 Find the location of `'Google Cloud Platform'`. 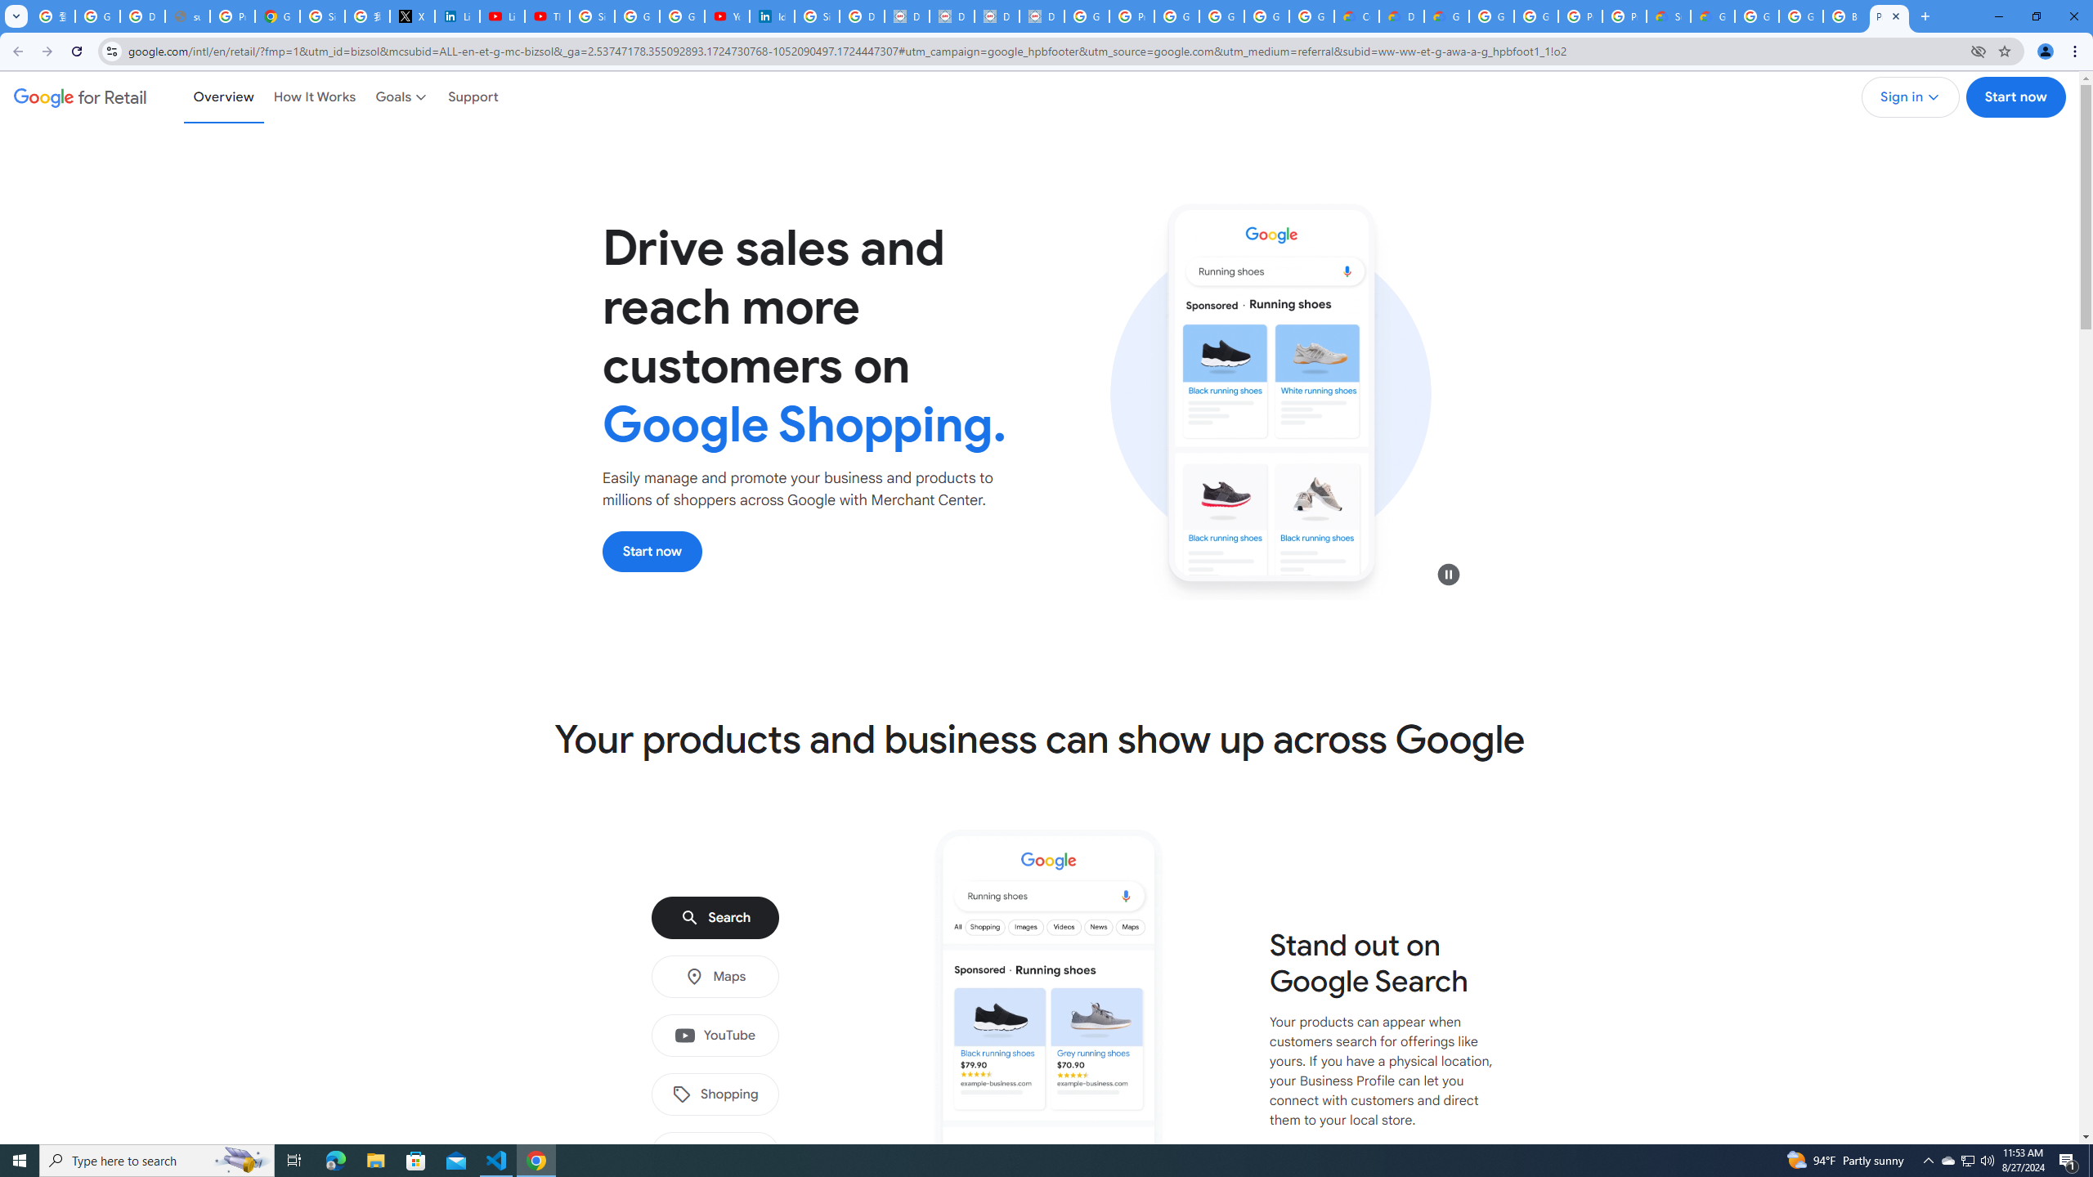

'Google Cloud Platform' is located at coordinates (1536, 16).